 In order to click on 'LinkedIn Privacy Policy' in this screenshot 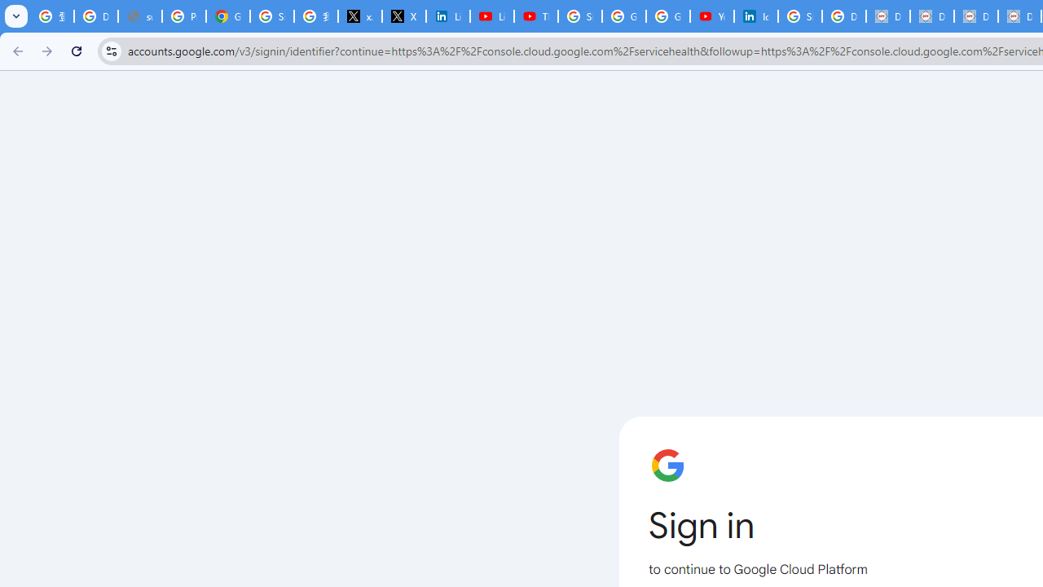, I will do `click(448, 16)`.